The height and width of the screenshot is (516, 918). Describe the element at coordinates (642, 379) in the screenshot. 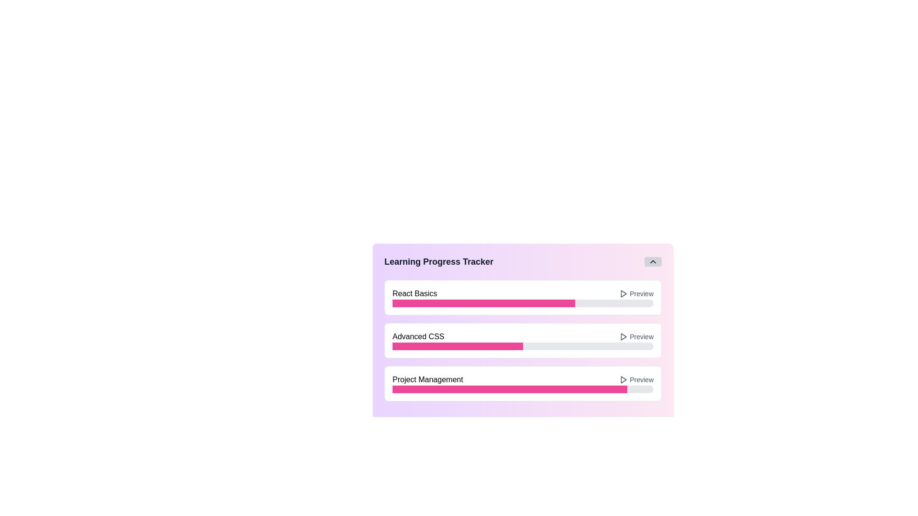

I see `the third 'Preview' text label element located to the right of the play button icon in the Project Management section` at that location.